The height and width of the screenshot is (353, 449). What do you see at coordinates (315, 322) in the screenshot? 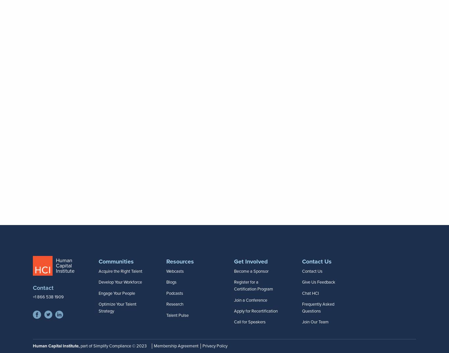
I see `'Join Our Team'` at bounding box center [315, 322].